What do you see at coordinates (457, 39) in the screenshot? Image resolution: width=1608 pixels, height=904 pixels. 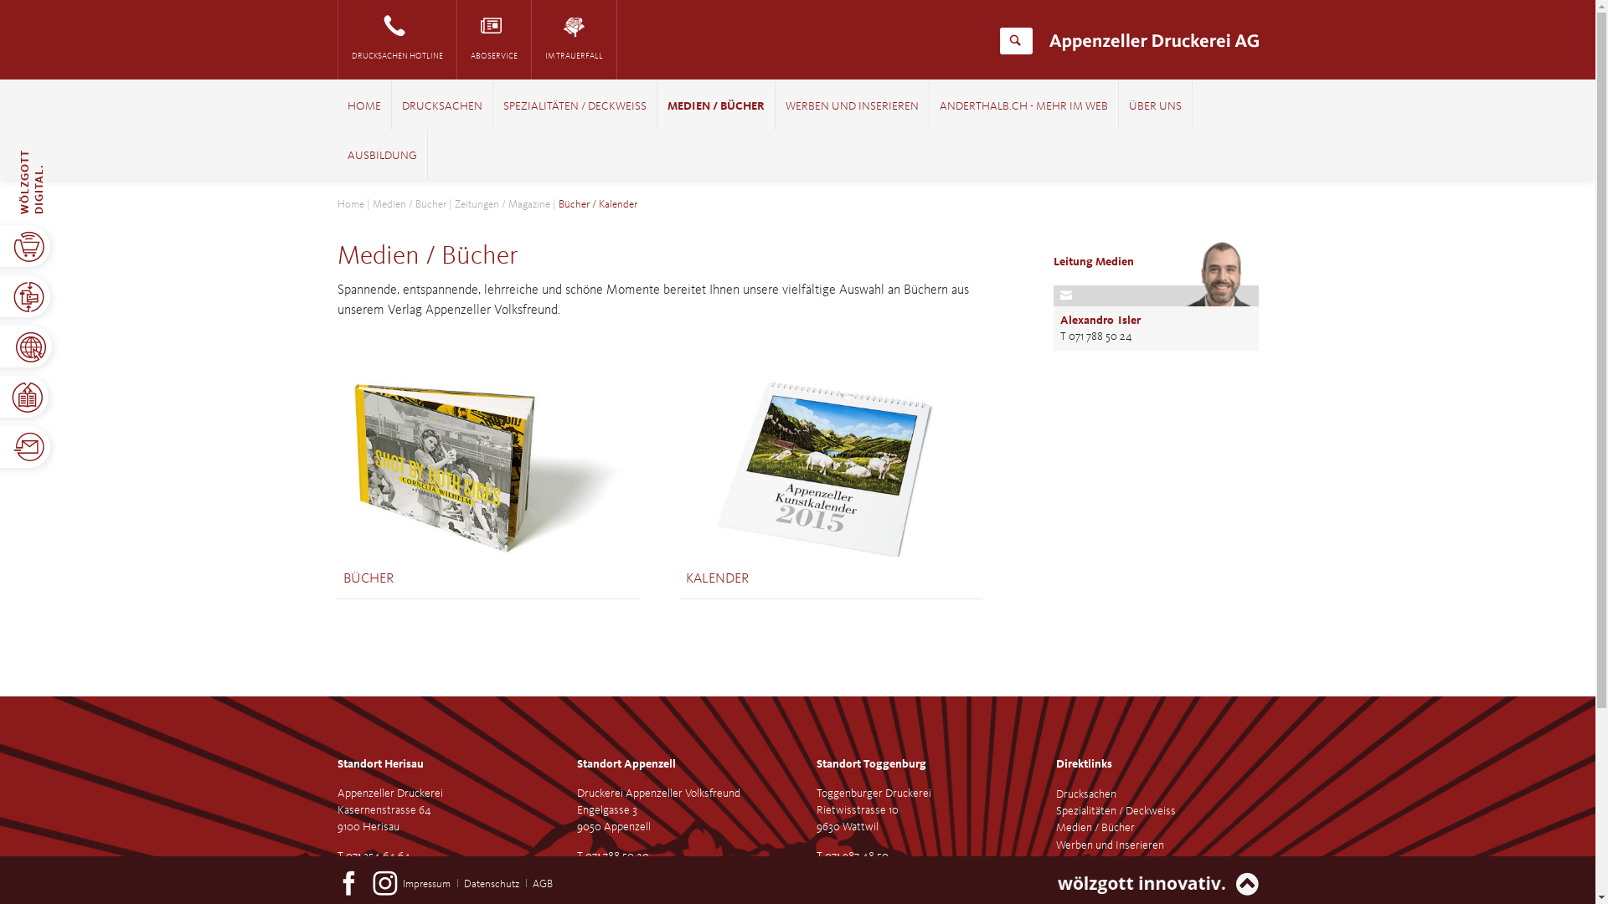 I see `'ABOSERVICE'` at bounding box center [457, 39].